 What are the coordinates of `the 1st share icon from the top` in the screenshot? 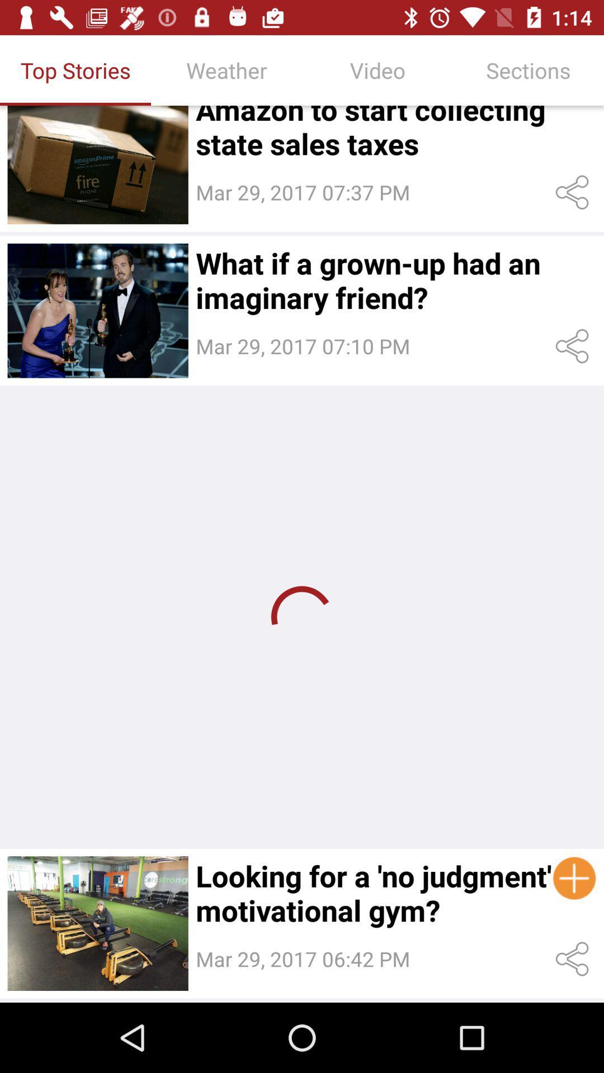 It's located at (574, 192).